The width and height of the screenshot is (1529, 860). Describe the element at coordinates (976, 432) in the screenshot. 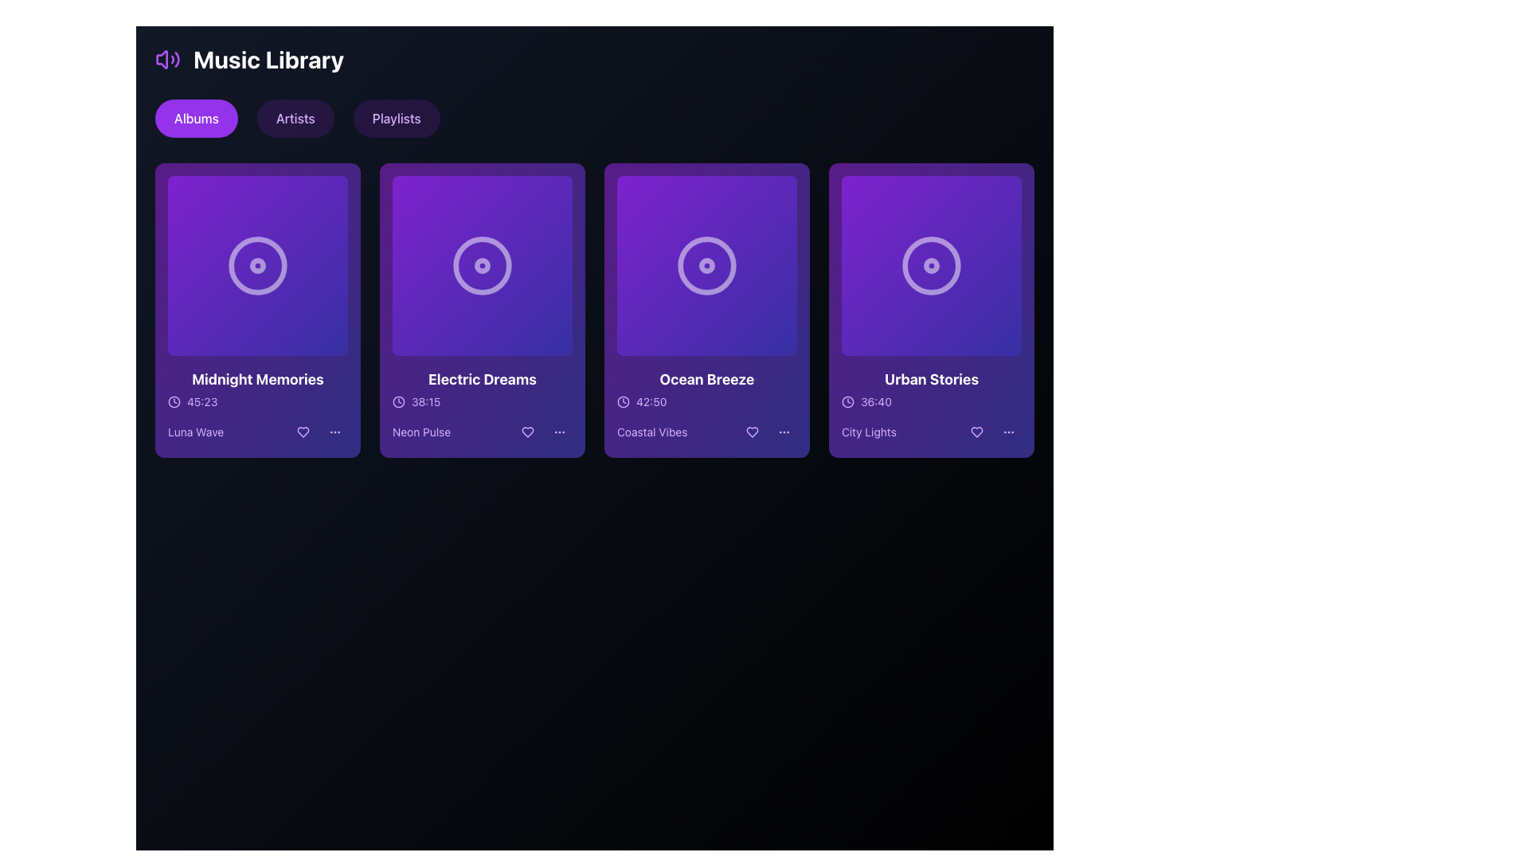

I see `the purple heart-shaped icon located in the bottom-right corner of the 'Urban Stories' card to mark the item as favorite` at that location.